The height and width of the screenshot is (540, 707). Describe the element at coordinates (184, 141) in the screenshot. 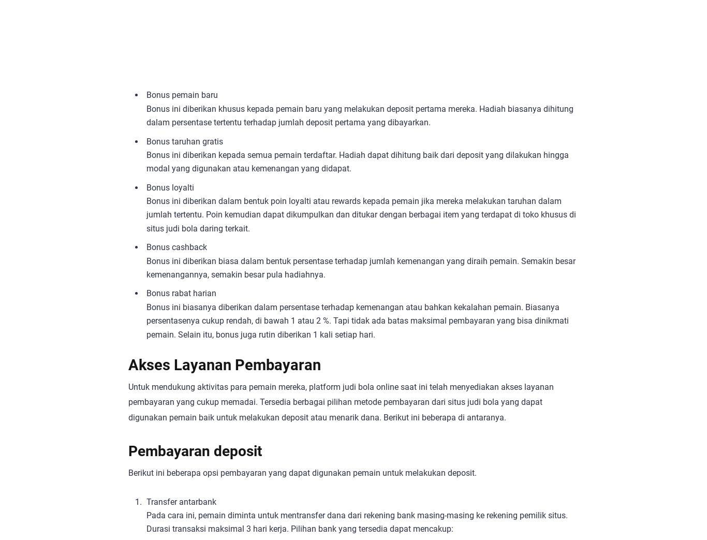

I see `'Bonus taruhan gratis'` at that location.